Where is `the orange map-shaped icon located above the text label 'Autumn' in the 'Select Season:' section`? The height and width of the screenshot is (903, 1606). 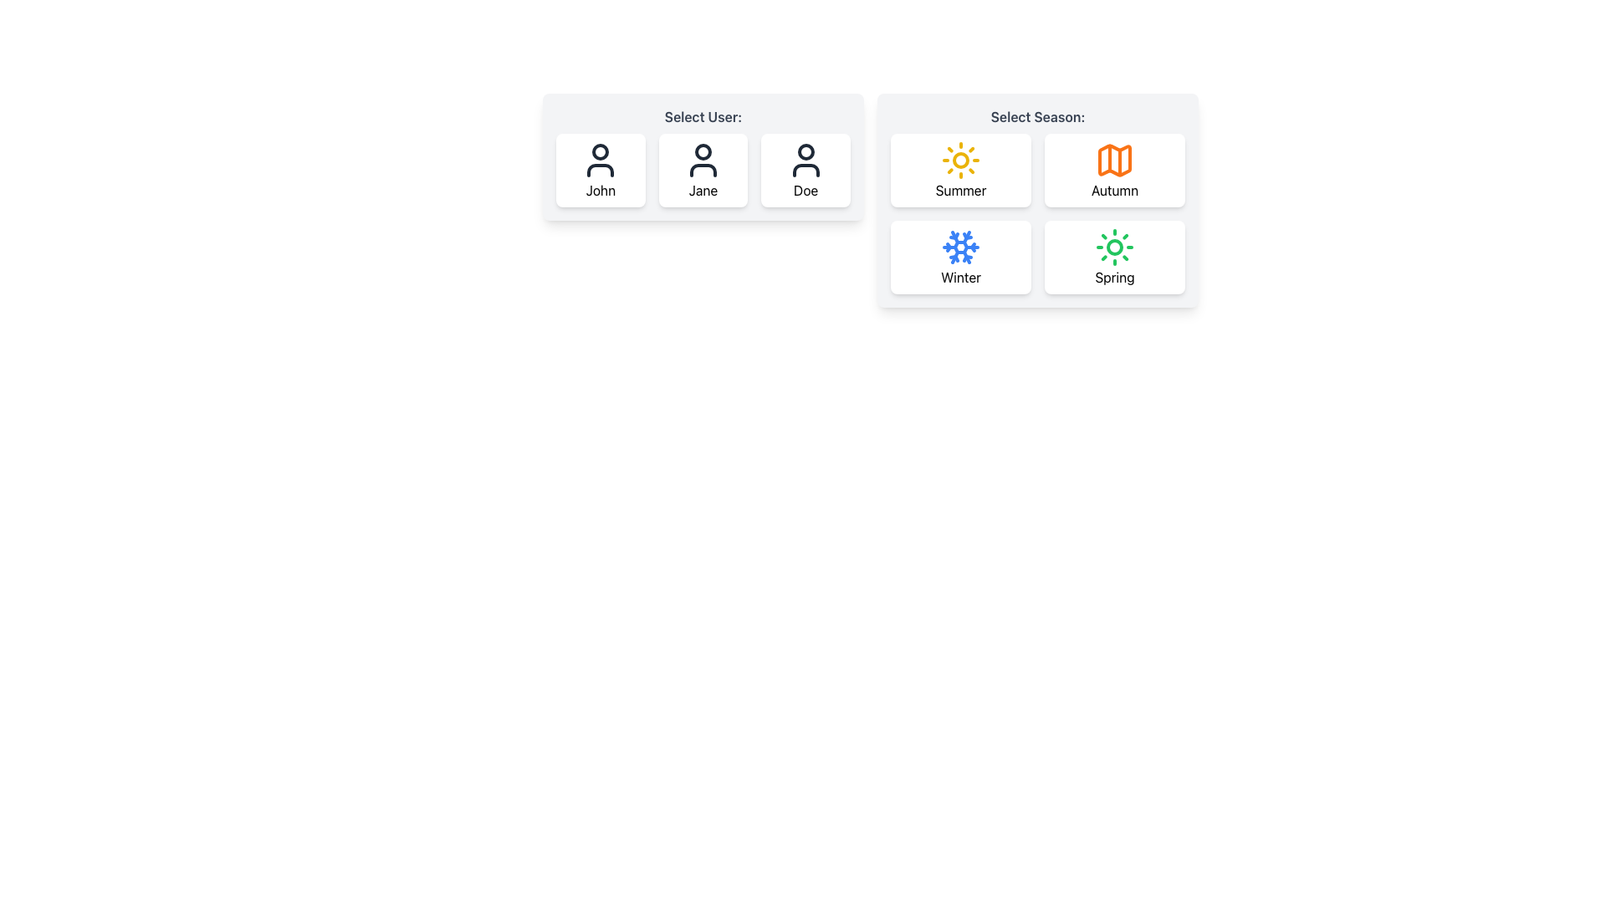
the orange map-shaped icon located above the text label 'Autumn' in the 'Select Season:' section is located at coordinates (1115, 161).